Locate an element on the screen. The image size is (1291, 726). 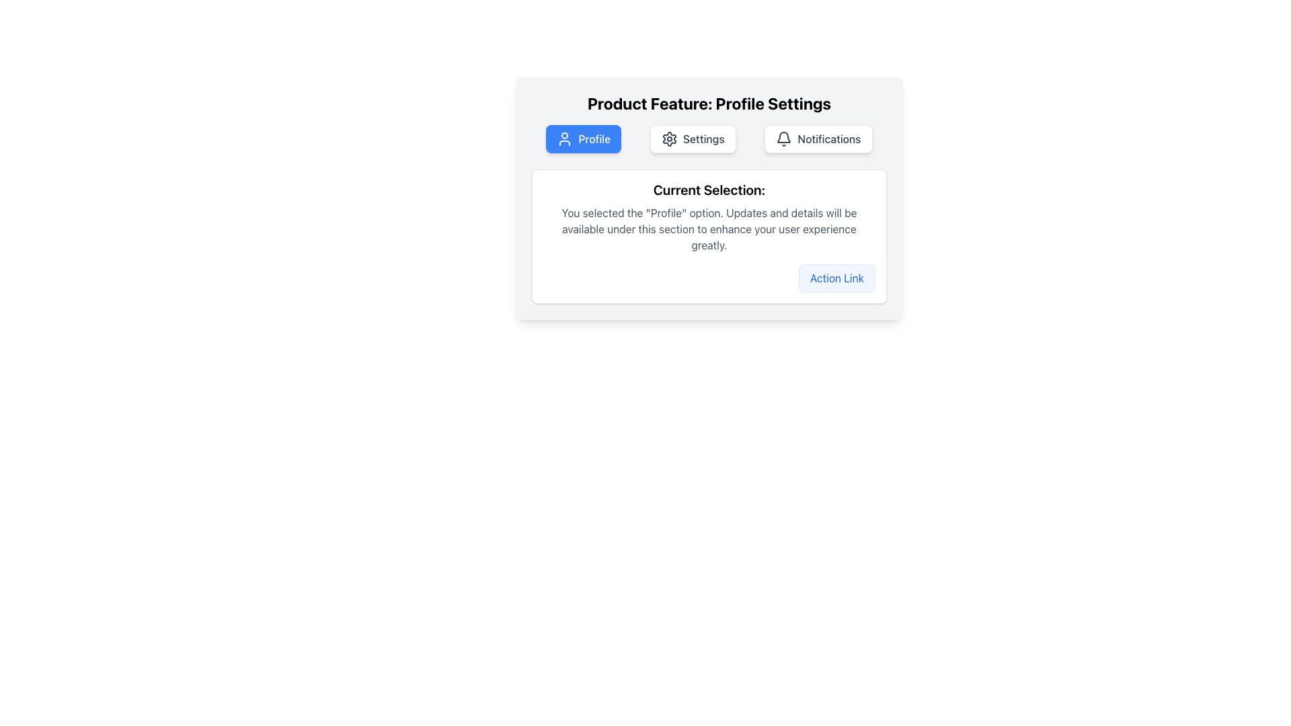
the notification icon located in the top-right section of the interface is located at coordinates (784, 137).